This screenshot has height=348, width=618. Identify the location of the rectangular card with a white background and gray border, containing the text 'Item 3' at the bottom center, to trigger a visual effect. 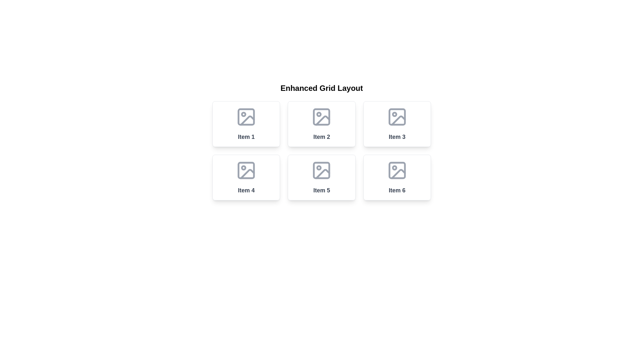
(397, 124).